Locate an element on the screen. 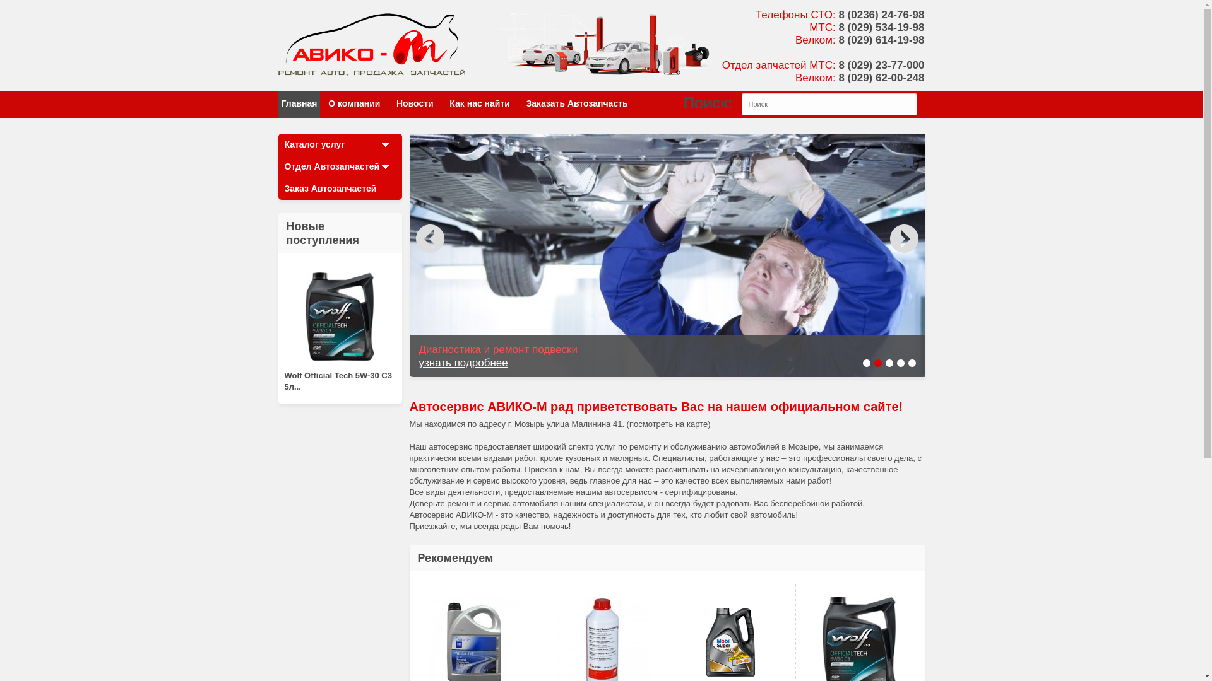  'false' is located at coordinates (903, 238).